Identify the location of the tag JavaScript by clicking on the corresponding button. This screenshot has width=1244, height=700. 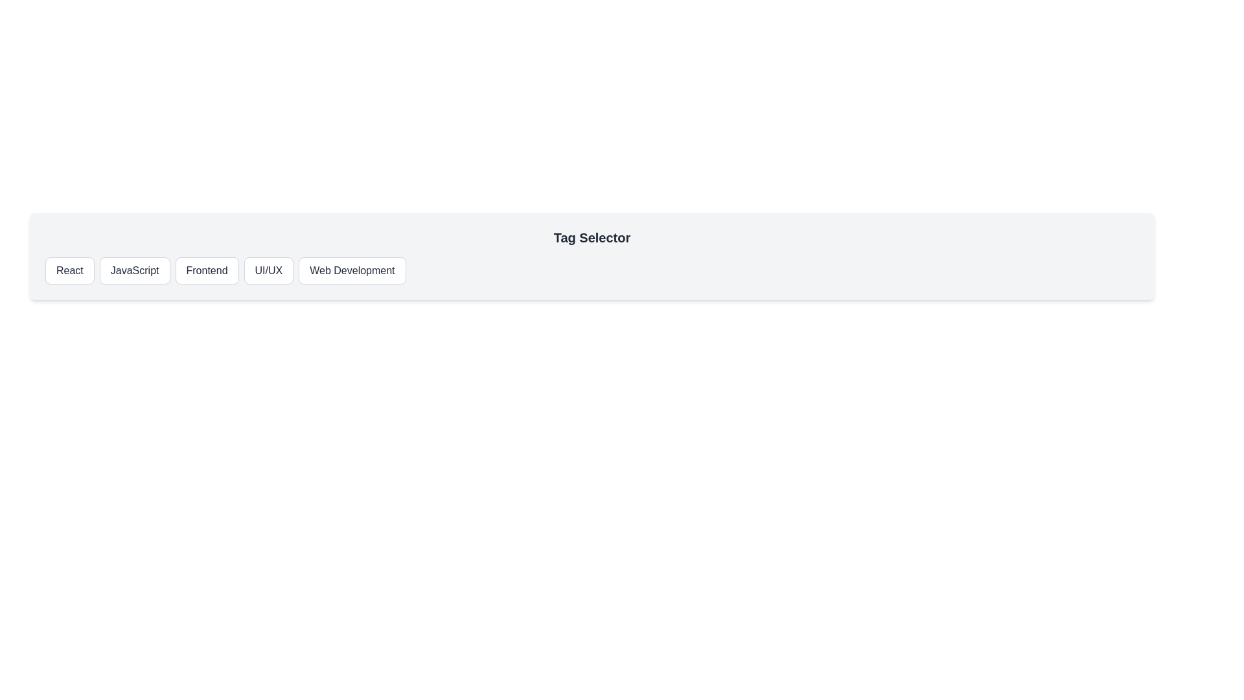
(134, 270).